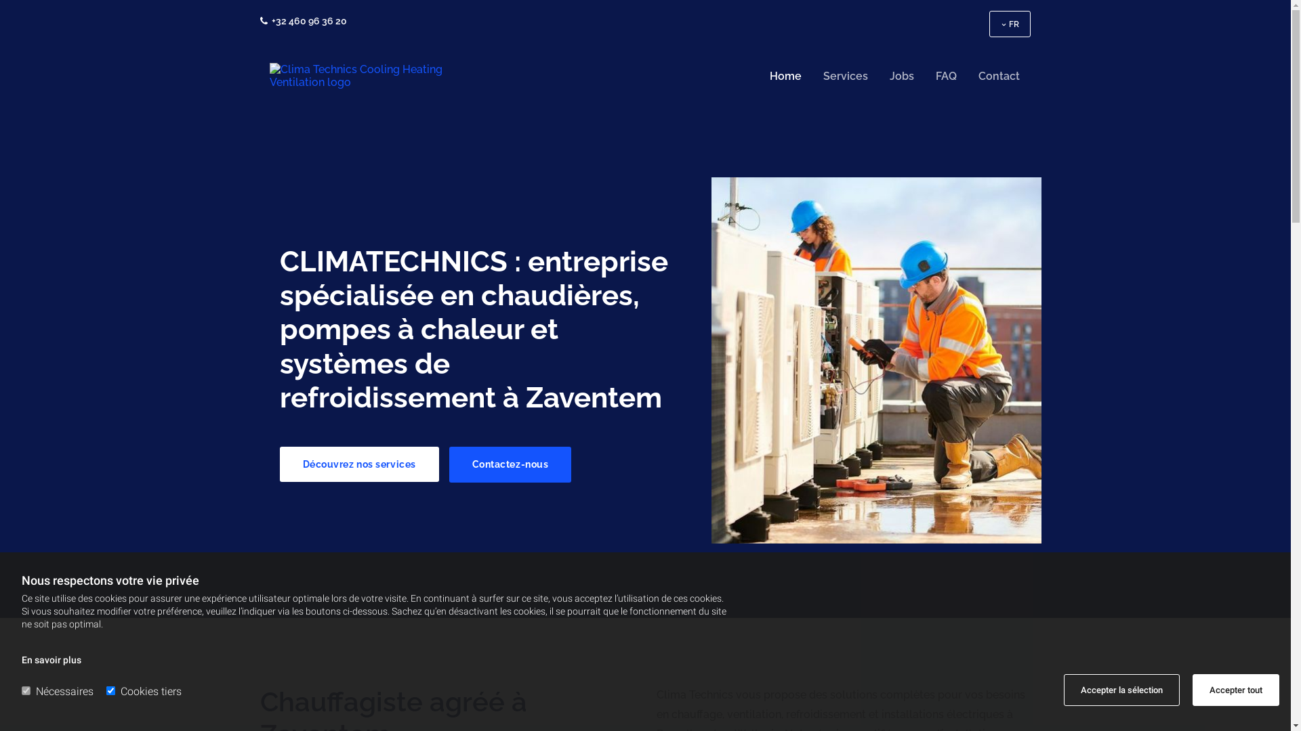  What do you see at coordinates (308, 20) in the screenshot?
I see `'+32 460 96 36 20'` at bounding box center [308, 20].